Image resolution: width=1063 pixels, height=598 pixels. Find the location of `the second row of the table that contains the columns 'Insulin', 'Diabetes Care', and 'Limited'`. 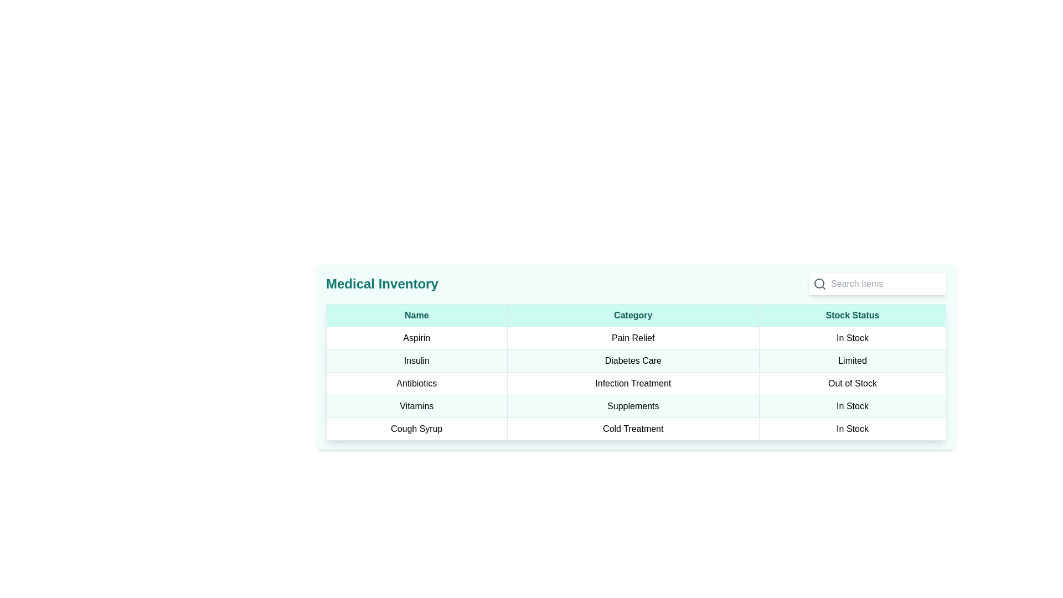

the second row of the table that contains the columns 'Insulin', 'Diabetes Care', and 'Limited' is located at coordinates (636, 360).